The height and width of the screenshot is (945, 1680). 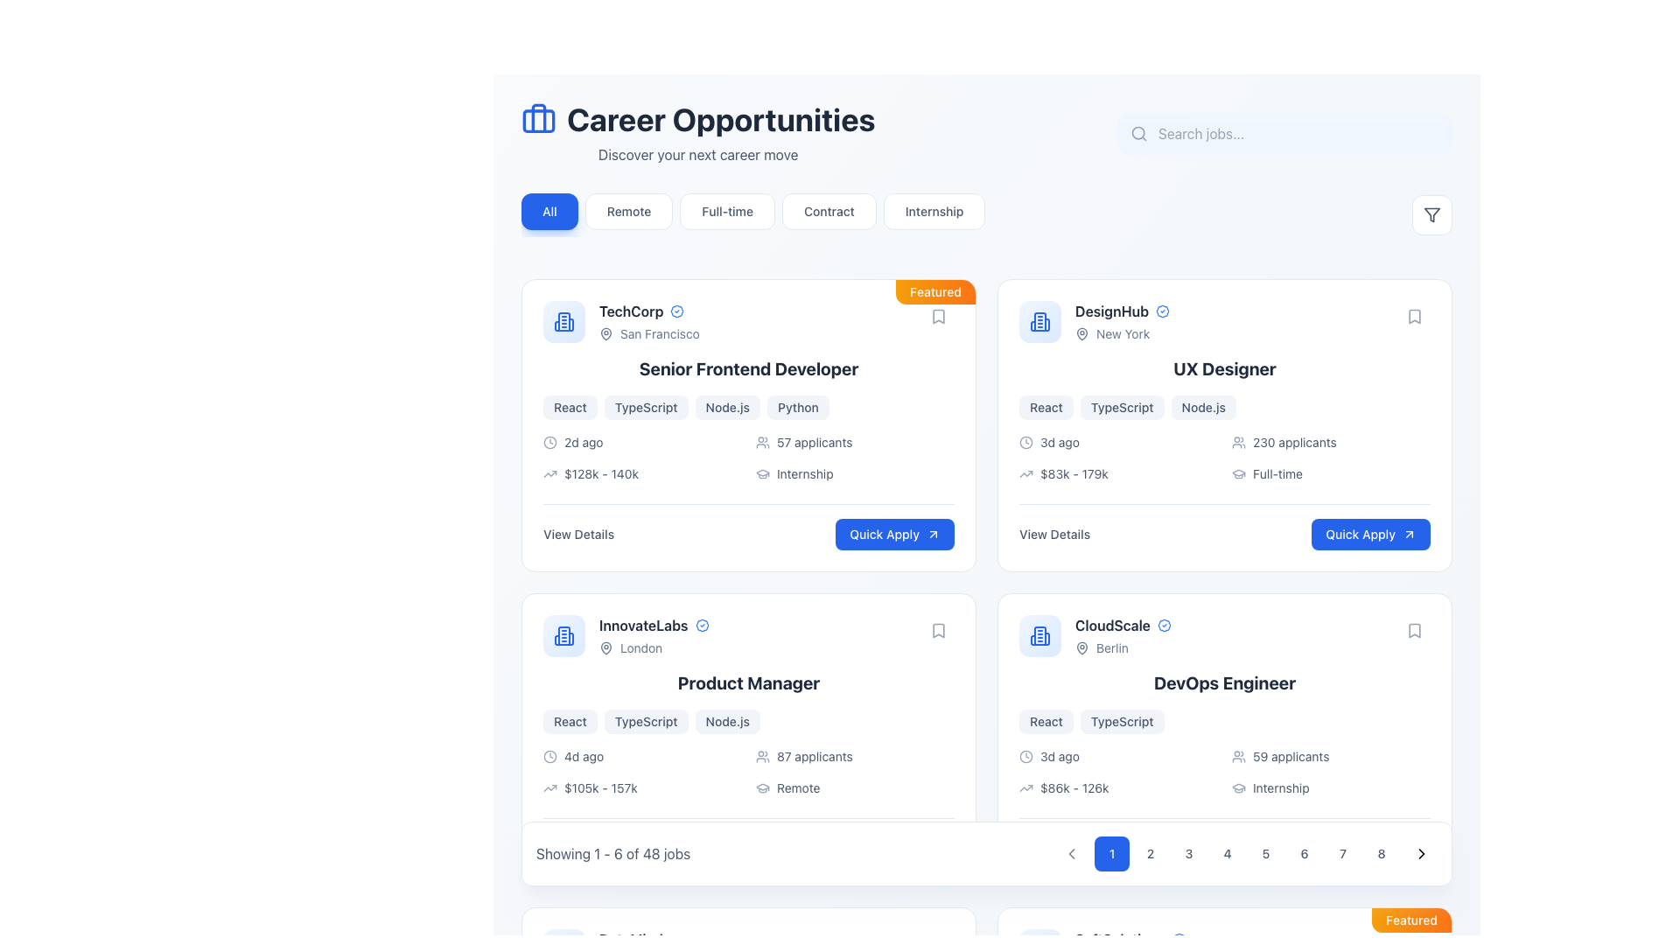 I want to click on the button displaying the number '7', which is styled as a rounded rectangle with a light grey background, so click(x=1342, y=852).